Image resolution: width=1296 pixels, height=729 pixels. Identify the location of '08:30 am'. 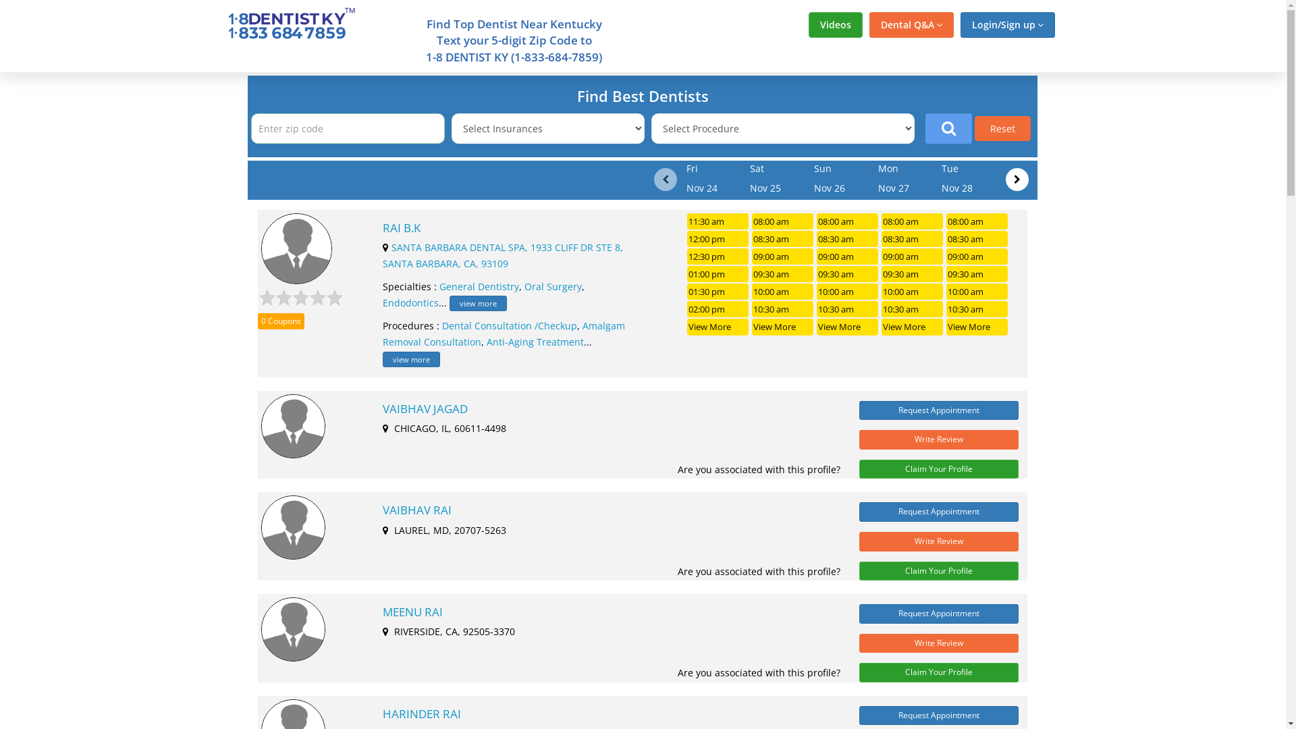
(846, 238).